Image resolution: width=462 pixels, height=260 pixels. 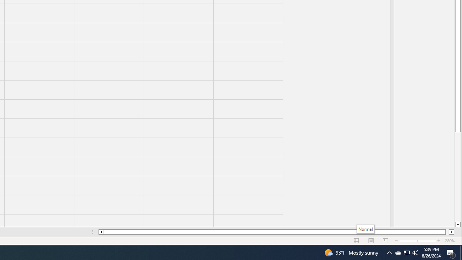 I want to click on 'Line down', so click(x=457, y=224).